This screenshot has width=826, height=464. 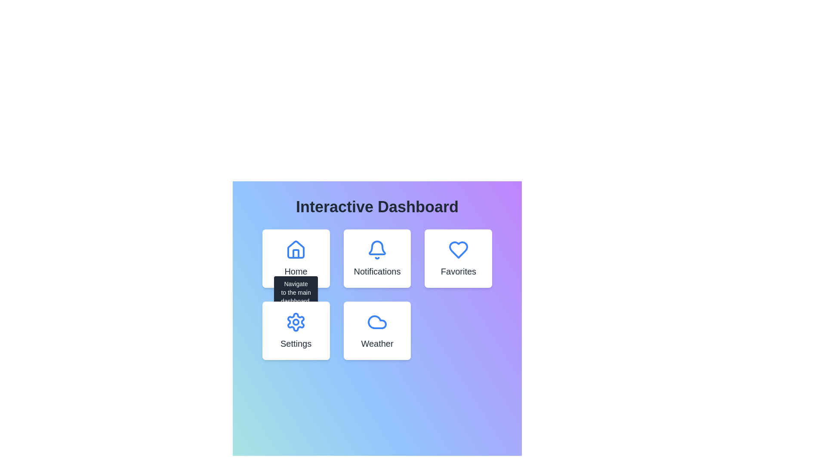 I want to click on the house icon with a bright blue outline in the first tile of the grid layout, labeled 'Home', so click(x=296, y=250).